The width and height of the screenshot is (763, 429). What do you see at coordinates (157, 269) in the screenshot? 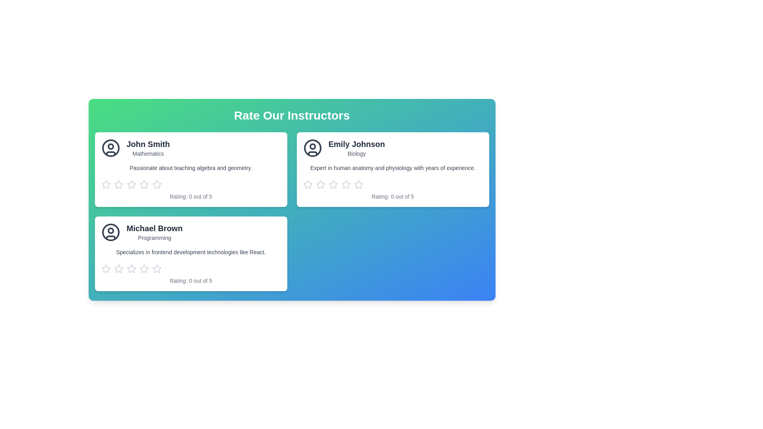
I see `the fifth star-shaped rating icon, which has a white interior and gray border, located under the instructor 'Michael Brown' in the rating section of the card` at bounding box center [157, 269].